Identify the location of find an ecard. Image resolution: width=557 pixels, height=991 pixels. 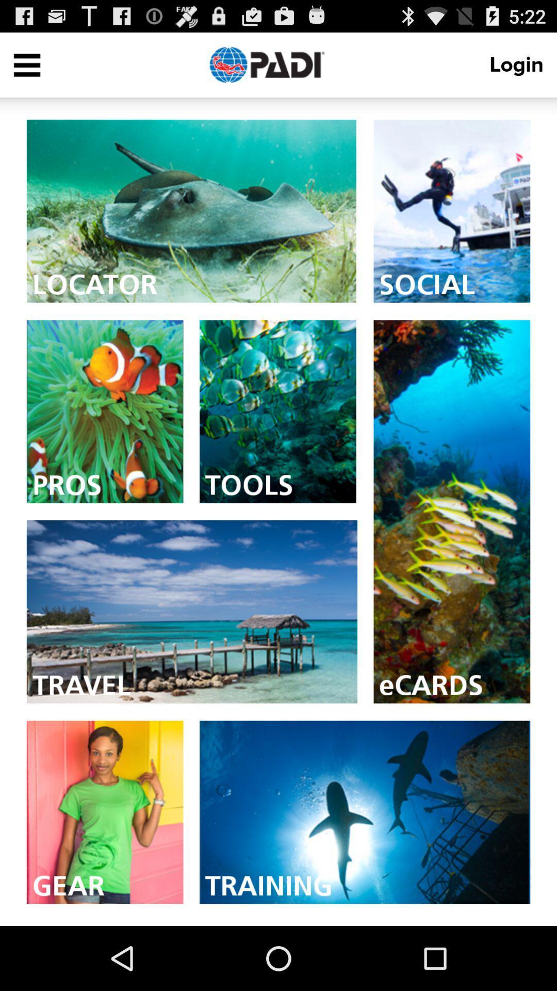
(451, 512).